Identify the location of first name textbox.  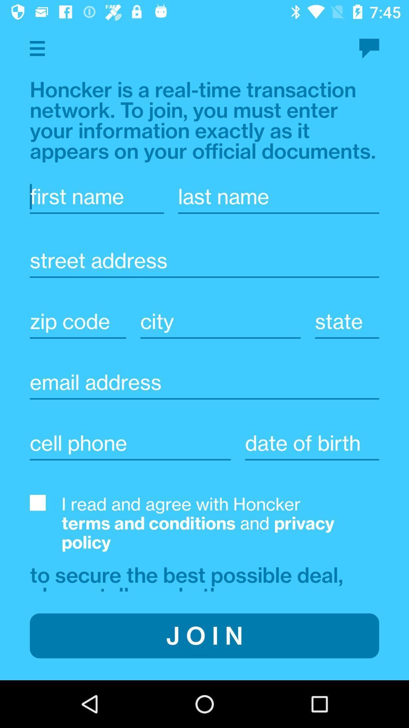
(96, 196).